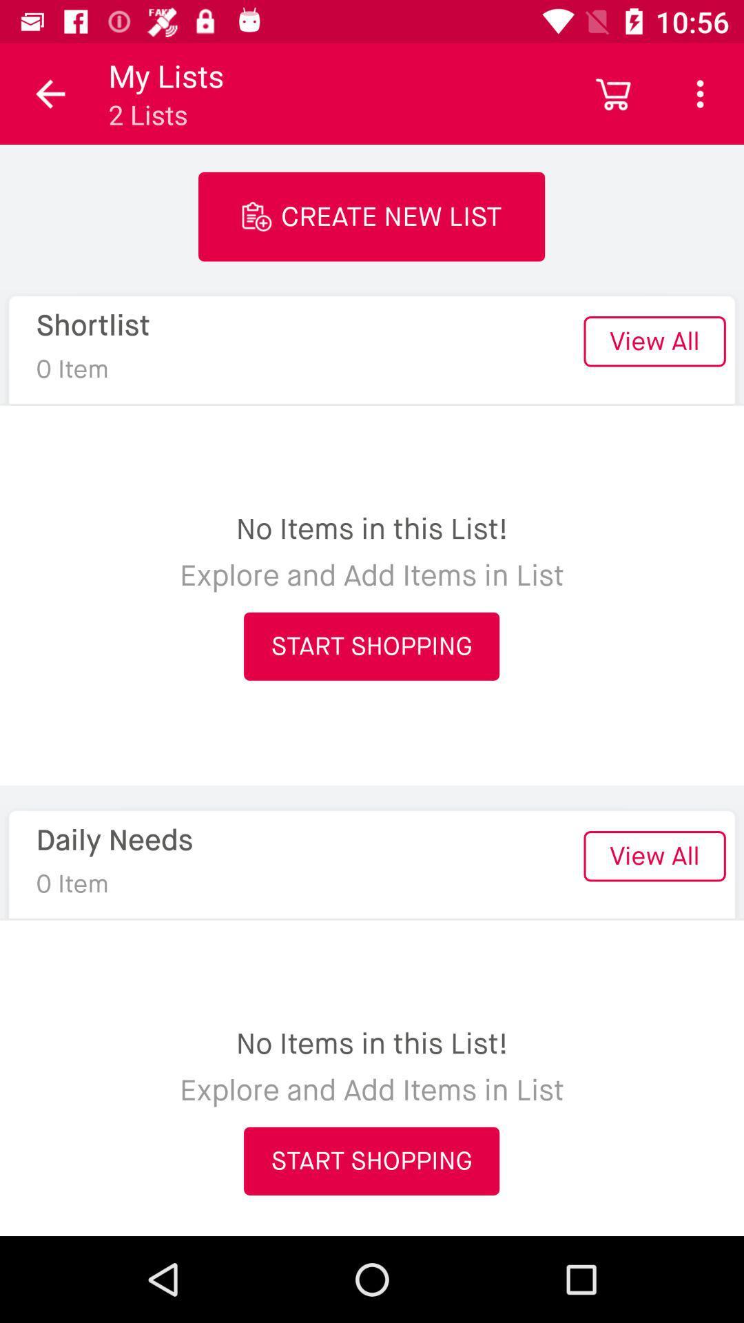  Describe the element at coordinates (701, 93) in the screenshot. I see `item above view all item` at that location.